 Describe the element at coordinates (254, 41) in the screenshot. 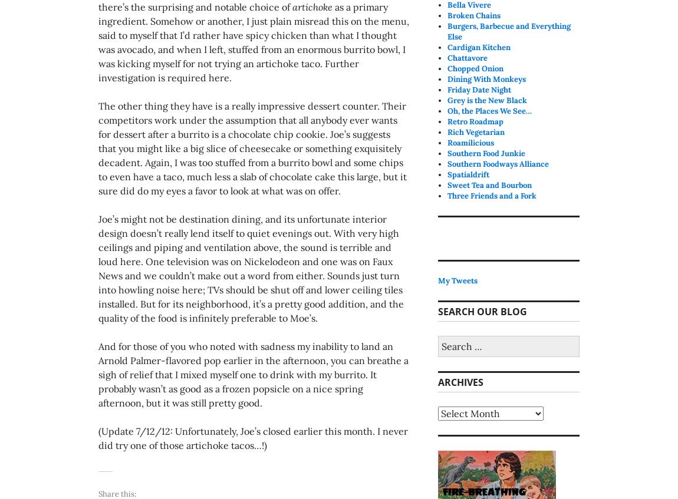

I see `'as a primary ingredient.  Somehow or another, I just plain misread this on the menu, said to myself that I’d rather have spicy chicken than what I thought was avocado, and when I left, stuffed from an enormous burrito bowl, I was kicking myself for not trying an artichoke taco.  Further investigation is required here.'` at that location.